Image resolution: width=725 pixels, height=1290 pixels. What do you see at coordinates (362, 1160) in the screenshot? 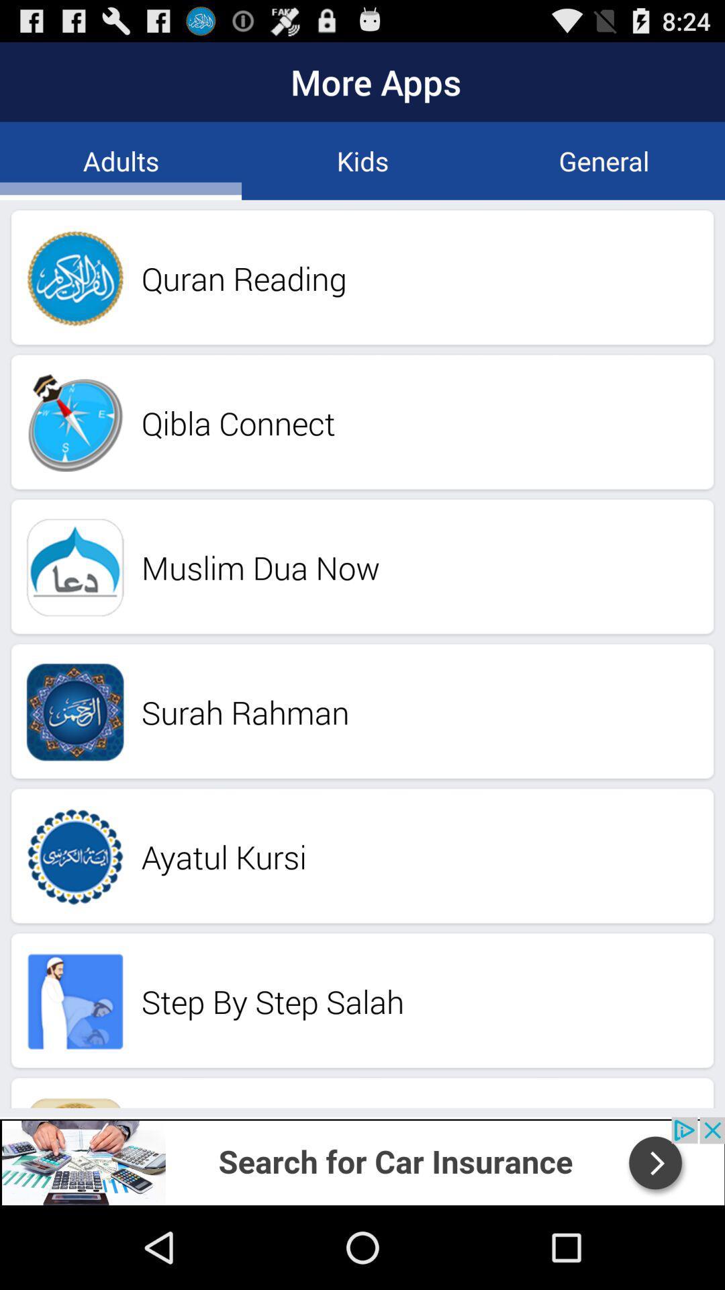
I see `the add image` at bounding box center [362, 1160].